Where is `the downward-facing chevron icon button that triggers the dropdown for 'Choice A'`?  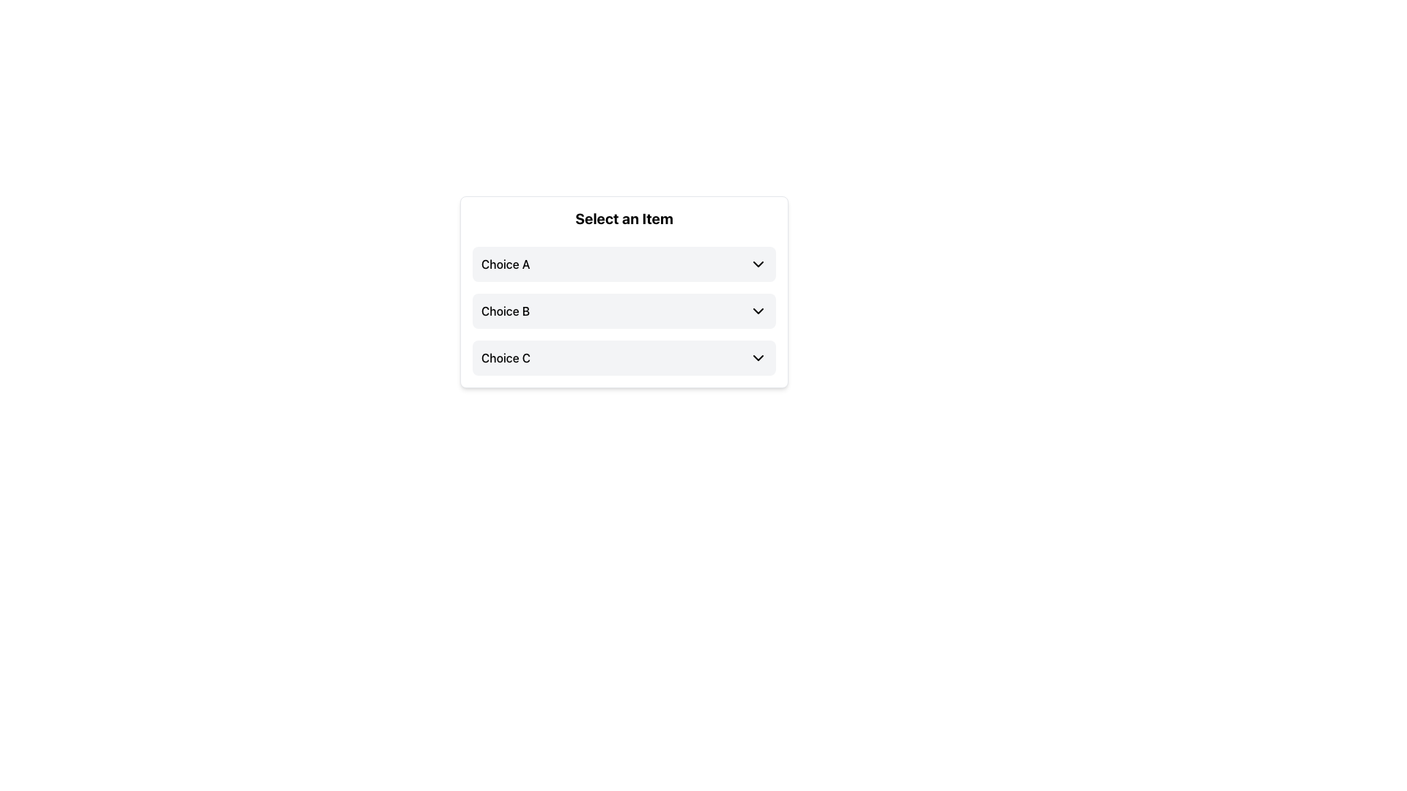
the downward-facing chevron icon button that triggers the dropdown for 'Choice A' is located at coordinates (758, 264).